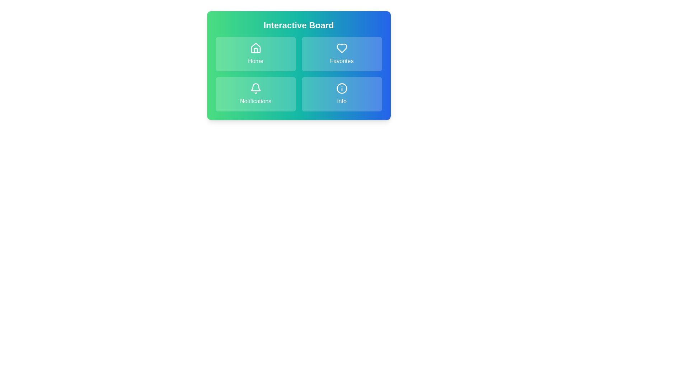  I want to click on the SVG Circle, which is part of the information icon located in the rightmost widget of the second row beneath the title 'Interactive Board', so click(341, 88).